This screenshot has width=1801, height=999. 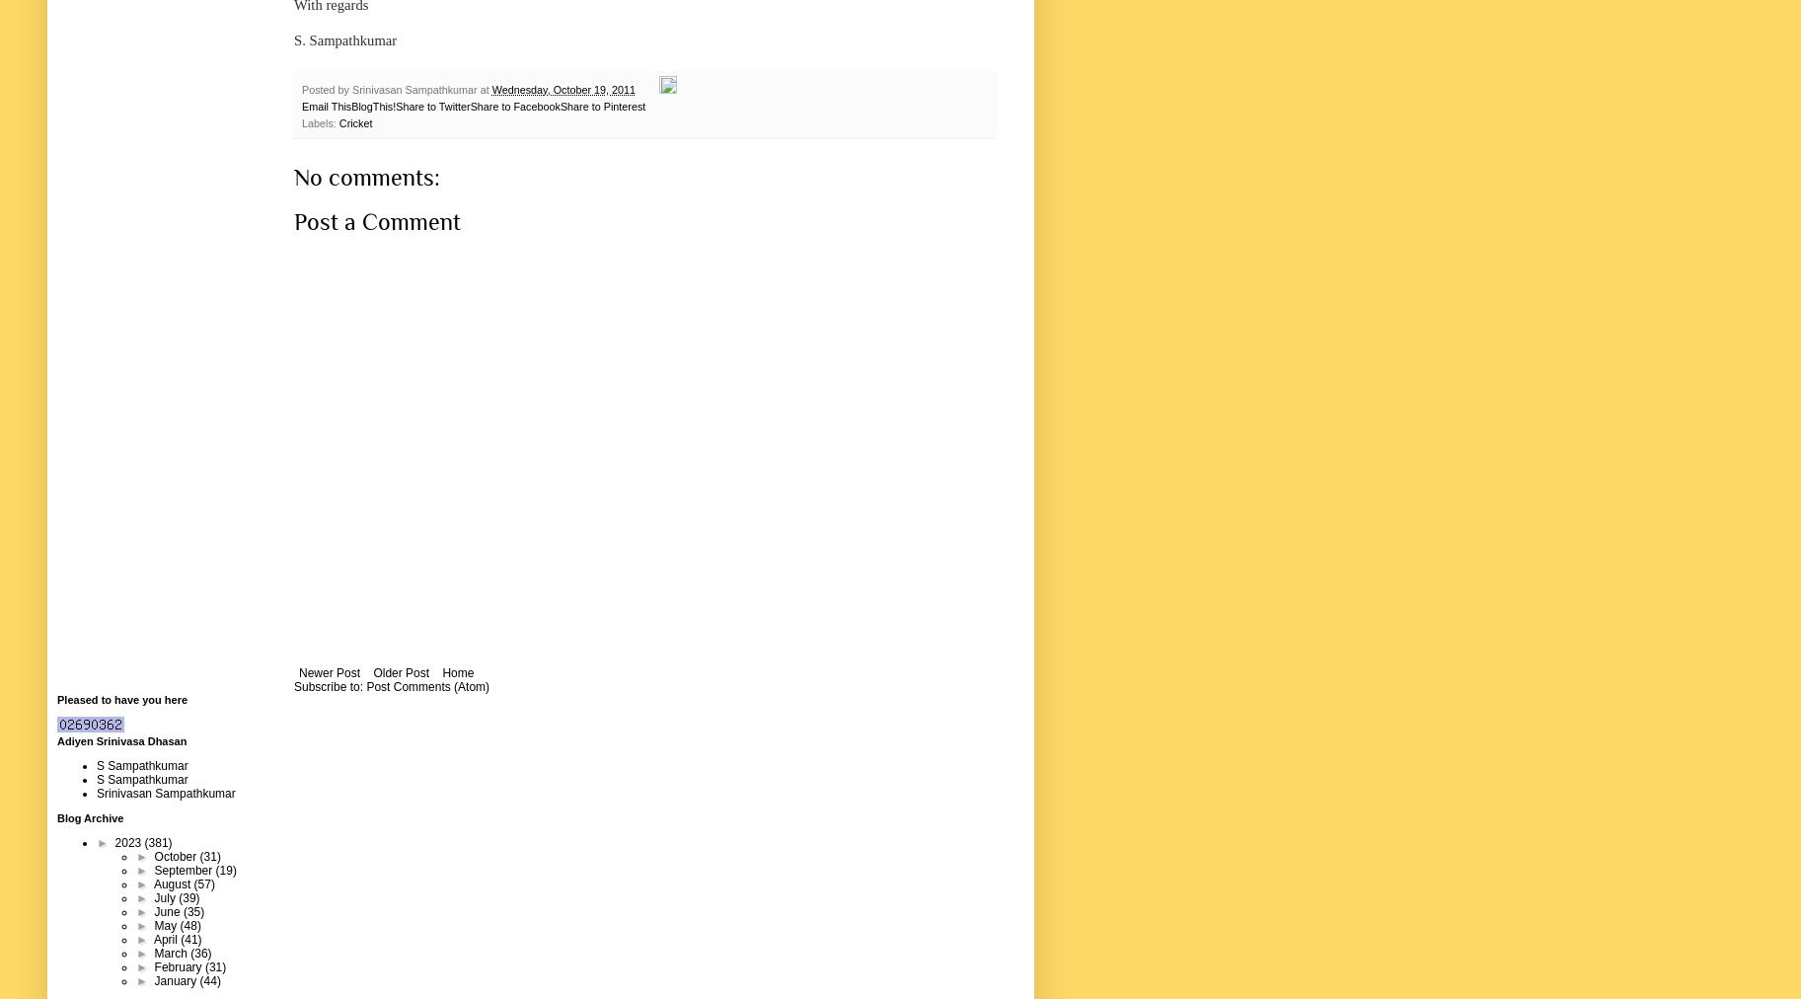 I want to click on 'at', so click(x=485, y=87).